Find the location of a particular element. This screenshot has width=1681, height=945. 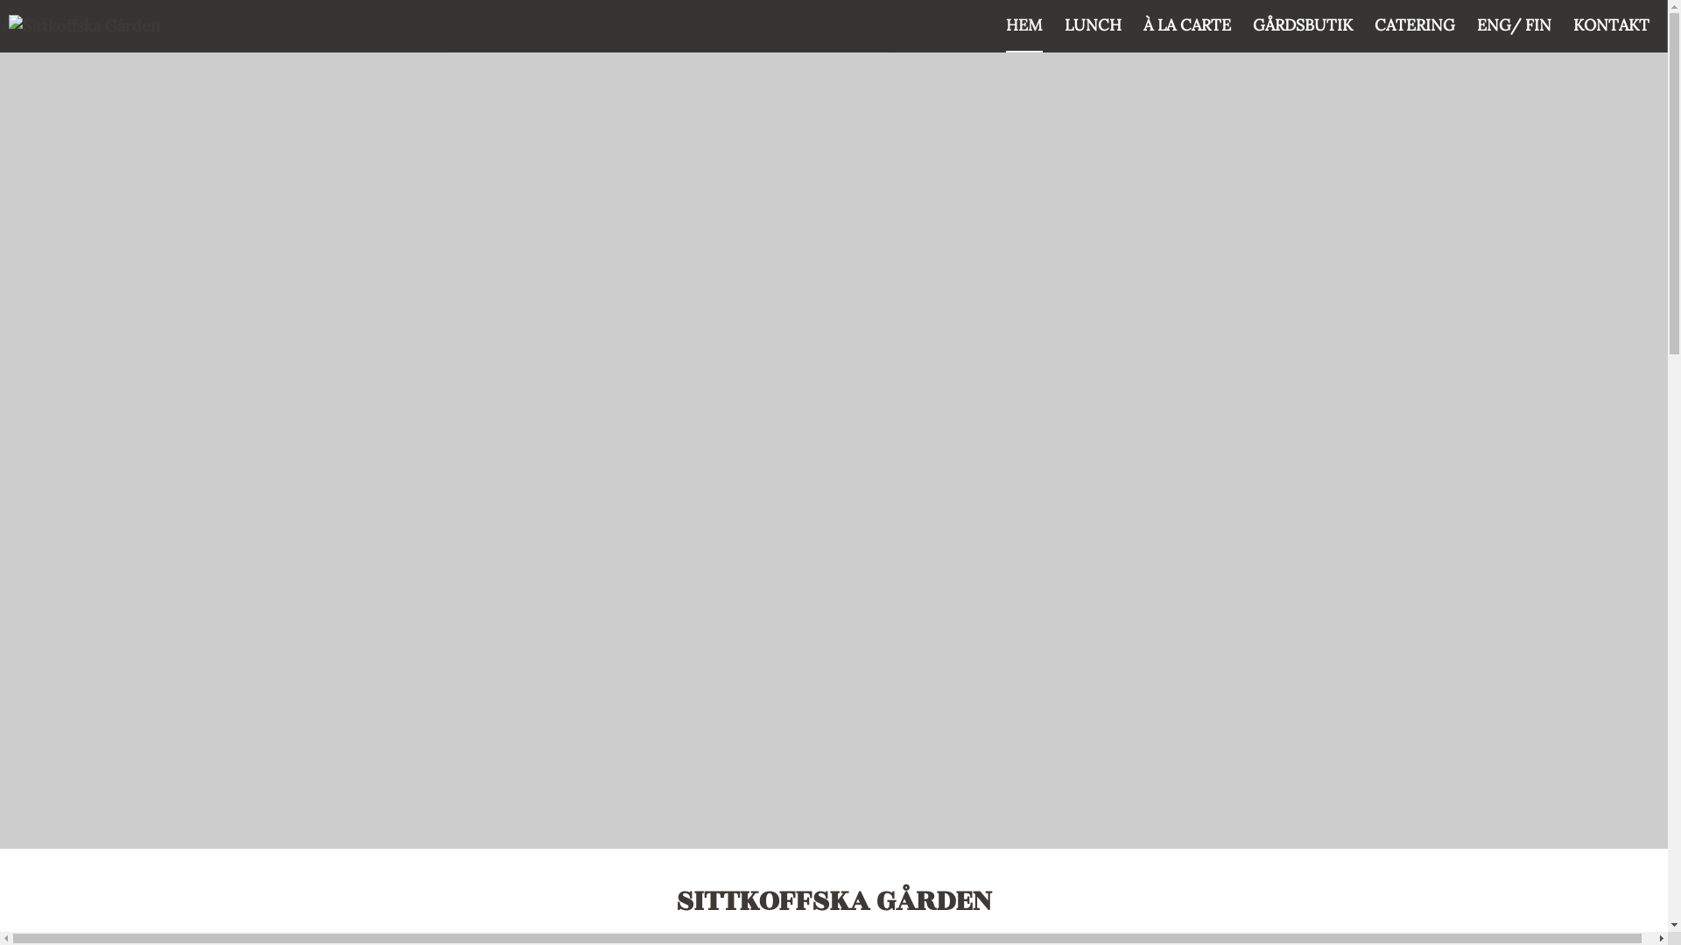

'CATERING' is located at coordinates (1415, 26).